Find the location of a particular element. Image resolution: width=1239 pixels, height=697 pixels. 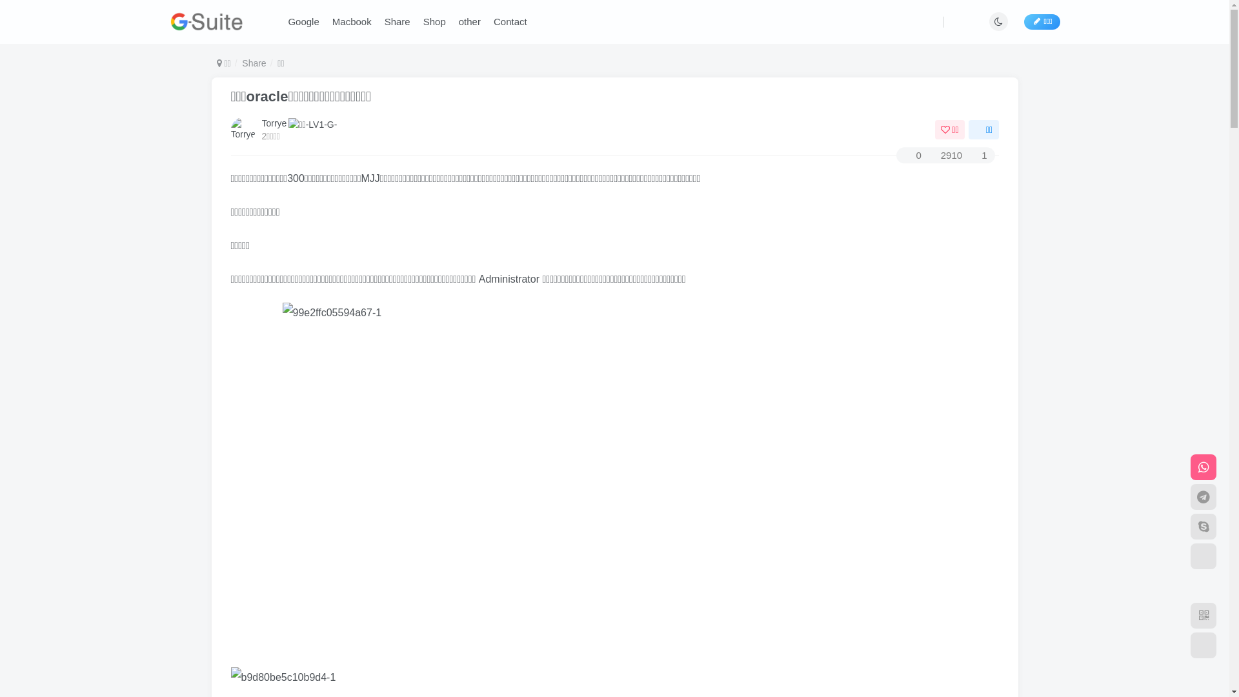

'0' is located at coordinates (903, 154).